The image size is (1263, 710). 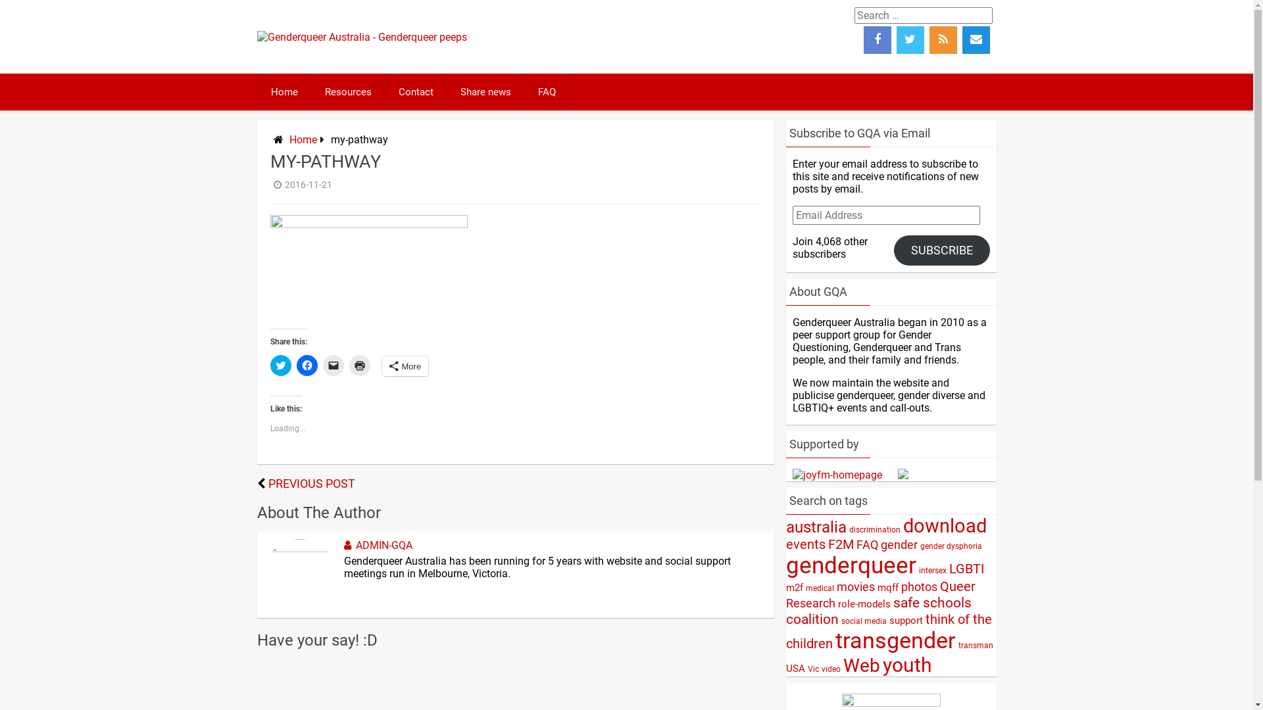 What do you see at coordinates (950, 546) in the screenshot?
I see `'gender dysphoria'` at bounding box center [950, 546].